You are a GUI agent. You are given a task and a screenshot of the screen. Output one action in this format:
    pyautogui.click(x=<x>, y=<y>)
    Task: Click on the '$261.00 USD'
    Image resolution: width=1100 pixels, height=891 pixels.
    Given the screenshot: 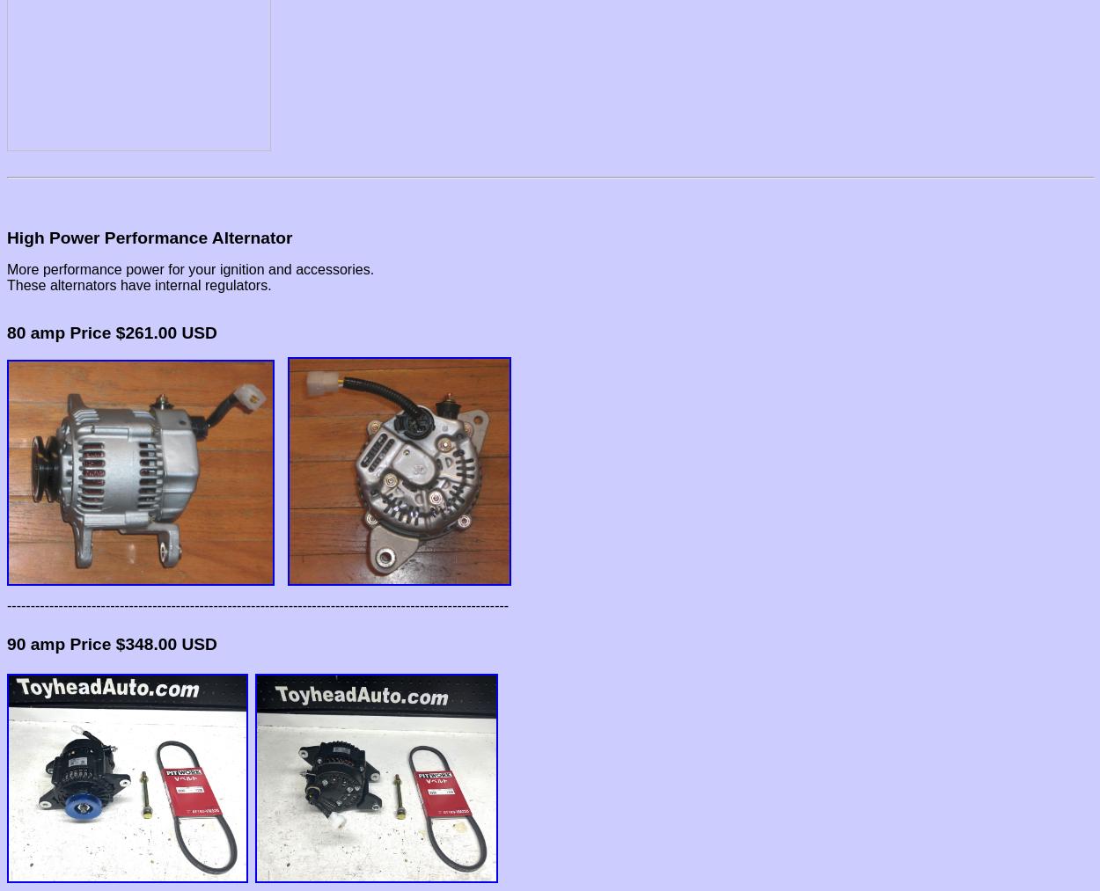 What is the action you would take?
    pyautogui.click(x=163, y=332)
    